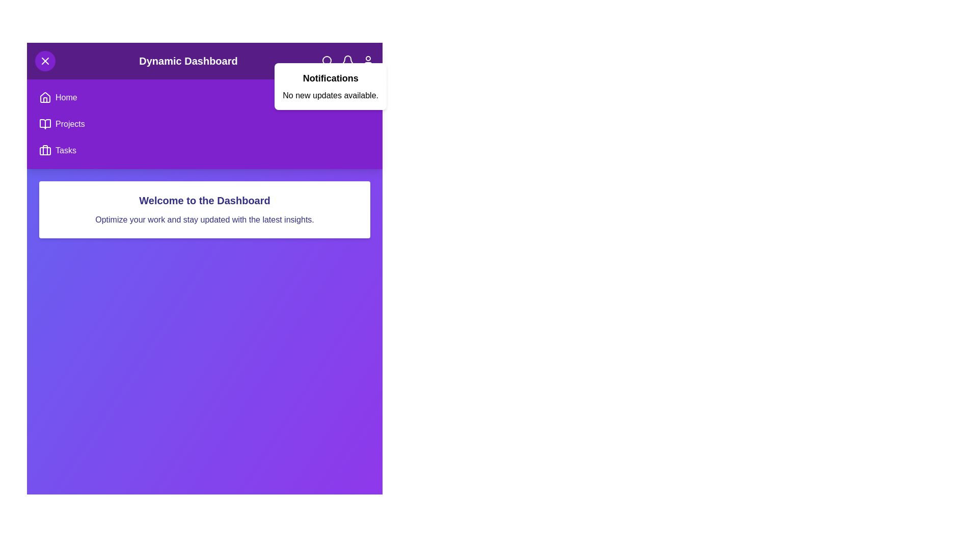 This screenshot has width=978, height=550. What do you see at coordinates (347, 61) in the screenshot?
I see `the bell icon to toggle the notifications panel` at bounding box center [347, 61].